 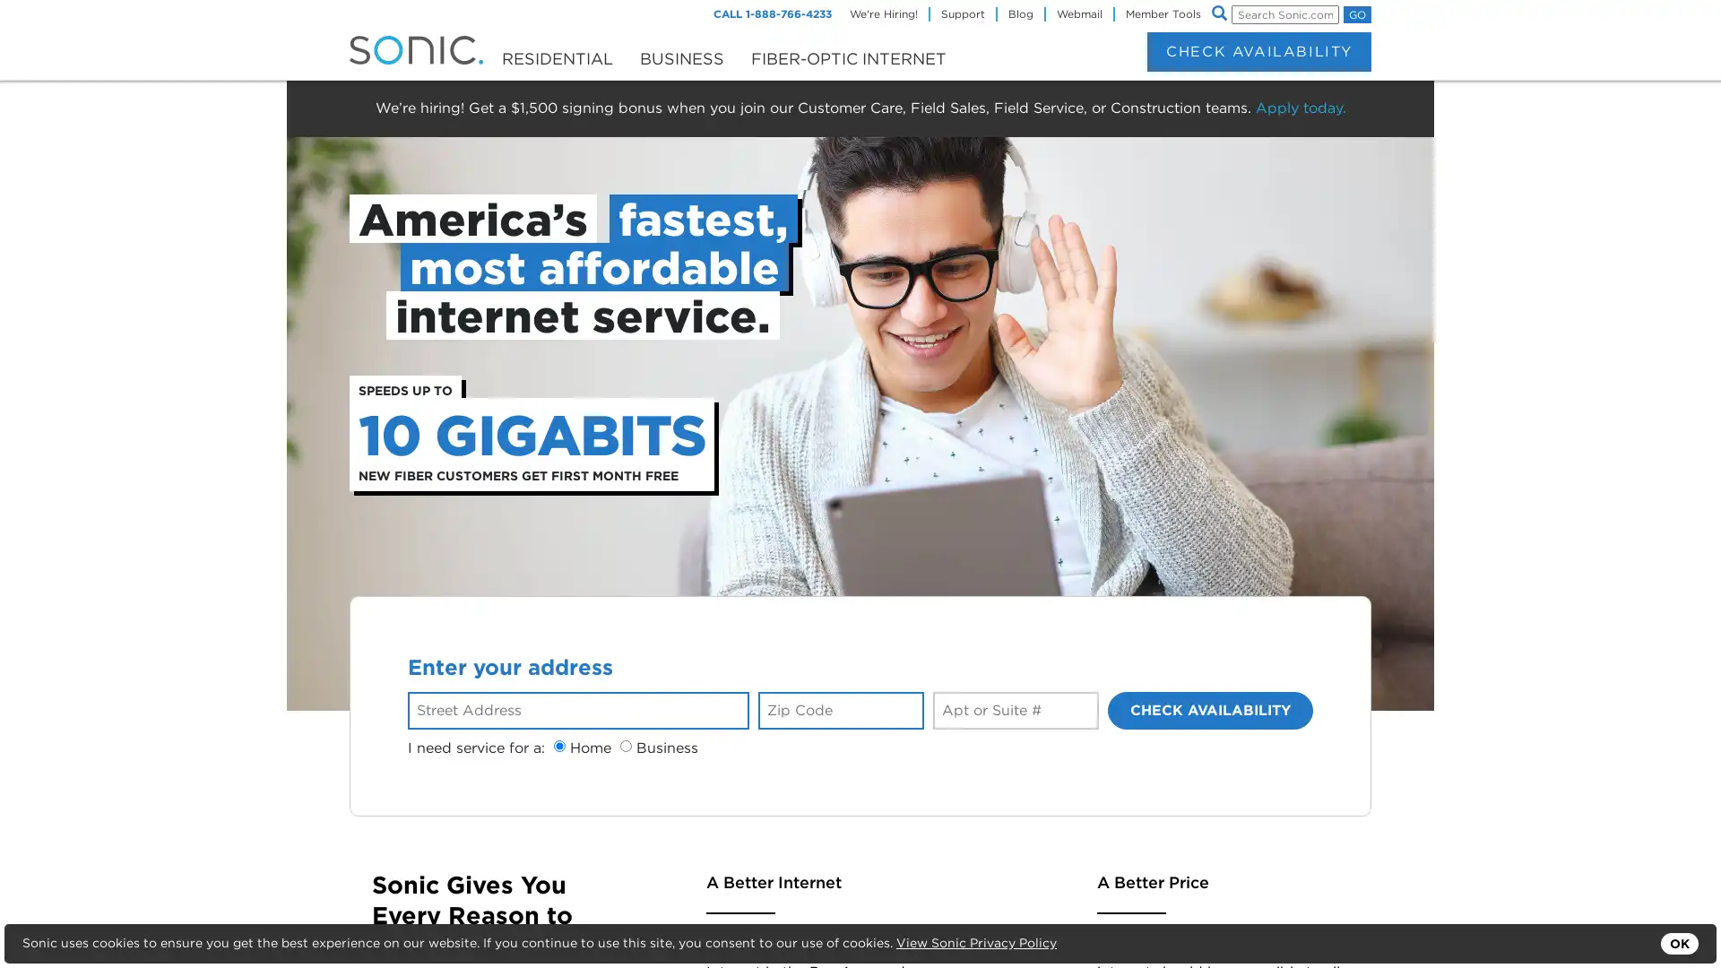 I want to click on OK, so click(x=1678, y=943).